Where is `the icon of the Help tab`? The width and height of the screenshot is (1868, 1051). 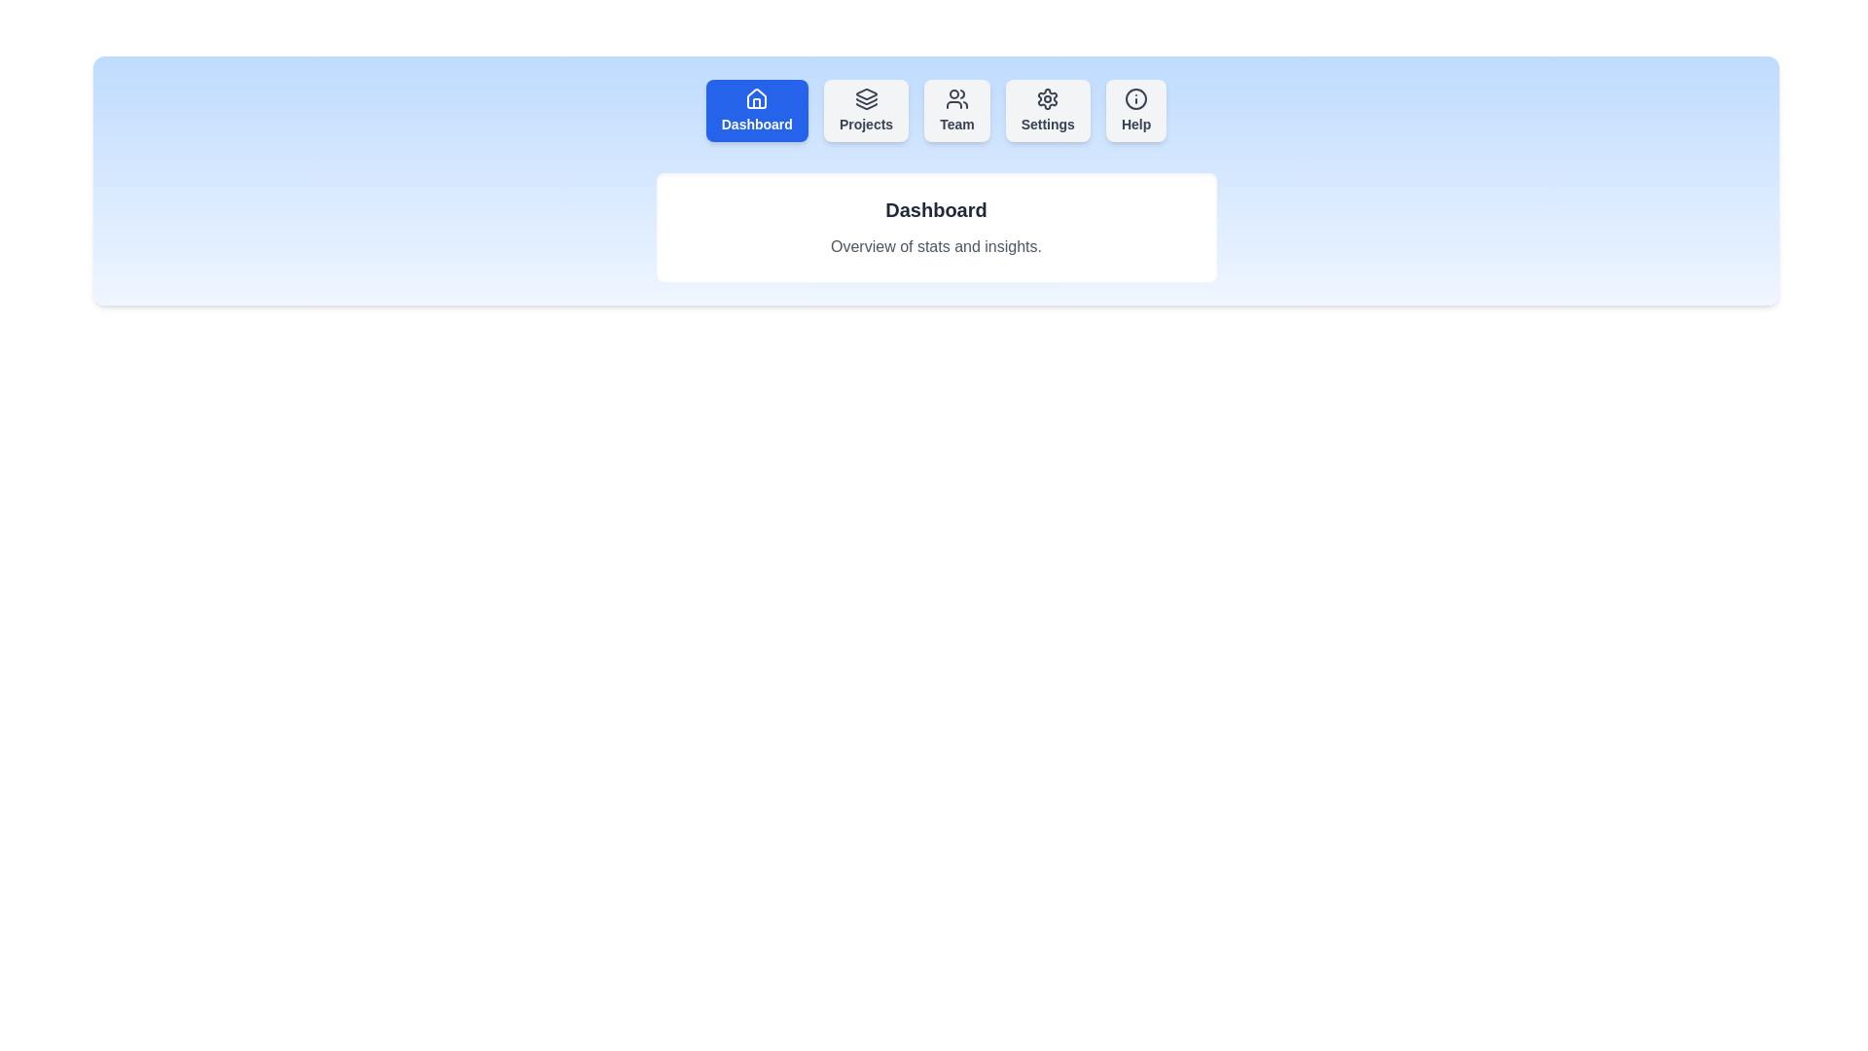
the icon of the Help tab is located at coordinates (1136, 98).